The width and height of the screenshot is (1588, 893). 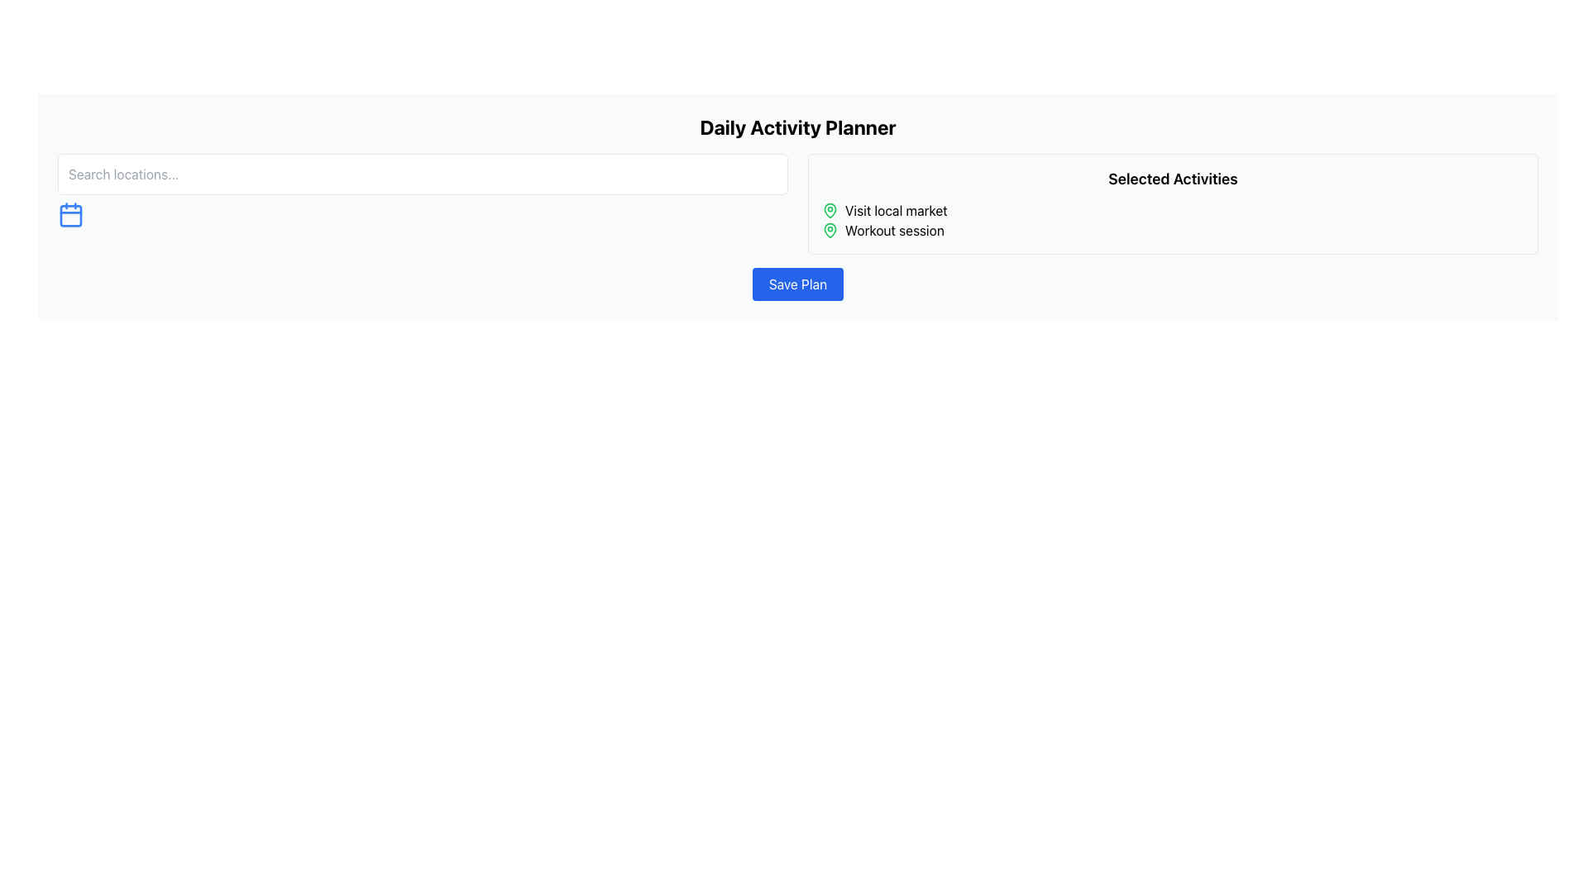 I want to click on the 'Save Plan' button, which is a rectangular button with rounded corners, styled in vibrant blue with white bold text, located centrally in the 'Daily Activity Planner' section, so click(x=797, y=283).